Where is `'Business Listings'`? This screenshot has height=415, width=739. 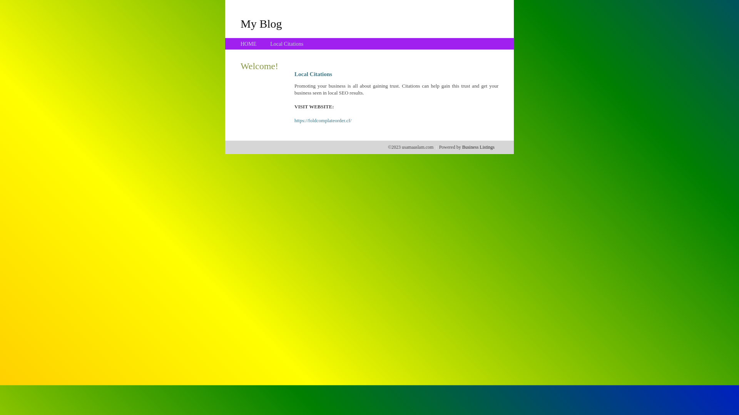 'Business Listings' is located at coordinates (478, 147).